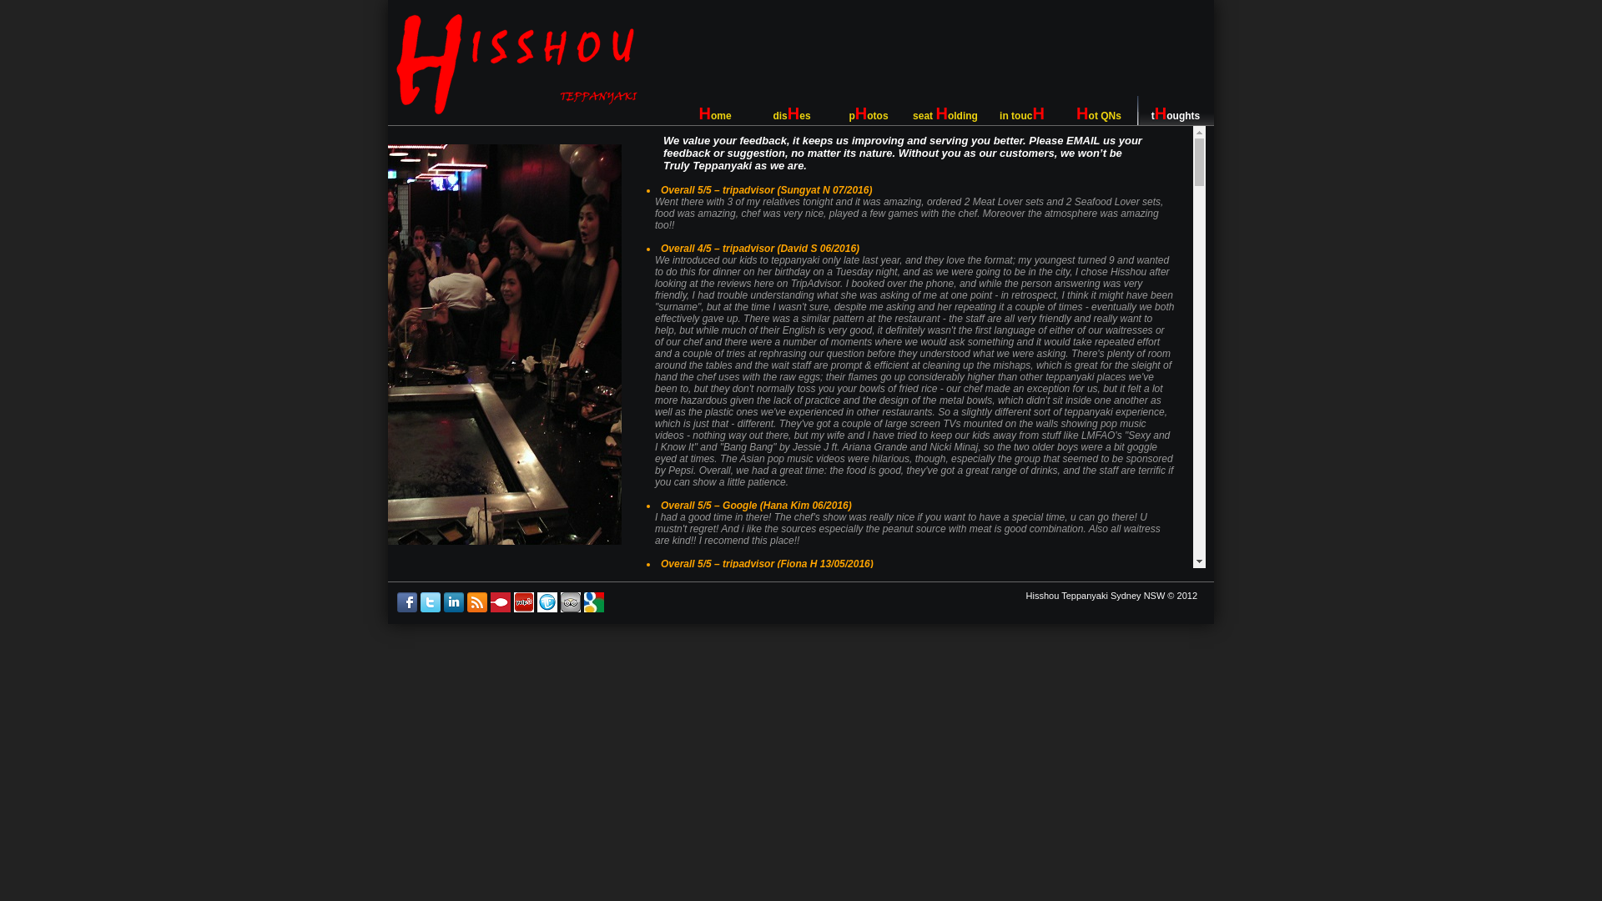 This screenshot has width=1602, height=901. I want to click on 'rss', so click(476, 608).